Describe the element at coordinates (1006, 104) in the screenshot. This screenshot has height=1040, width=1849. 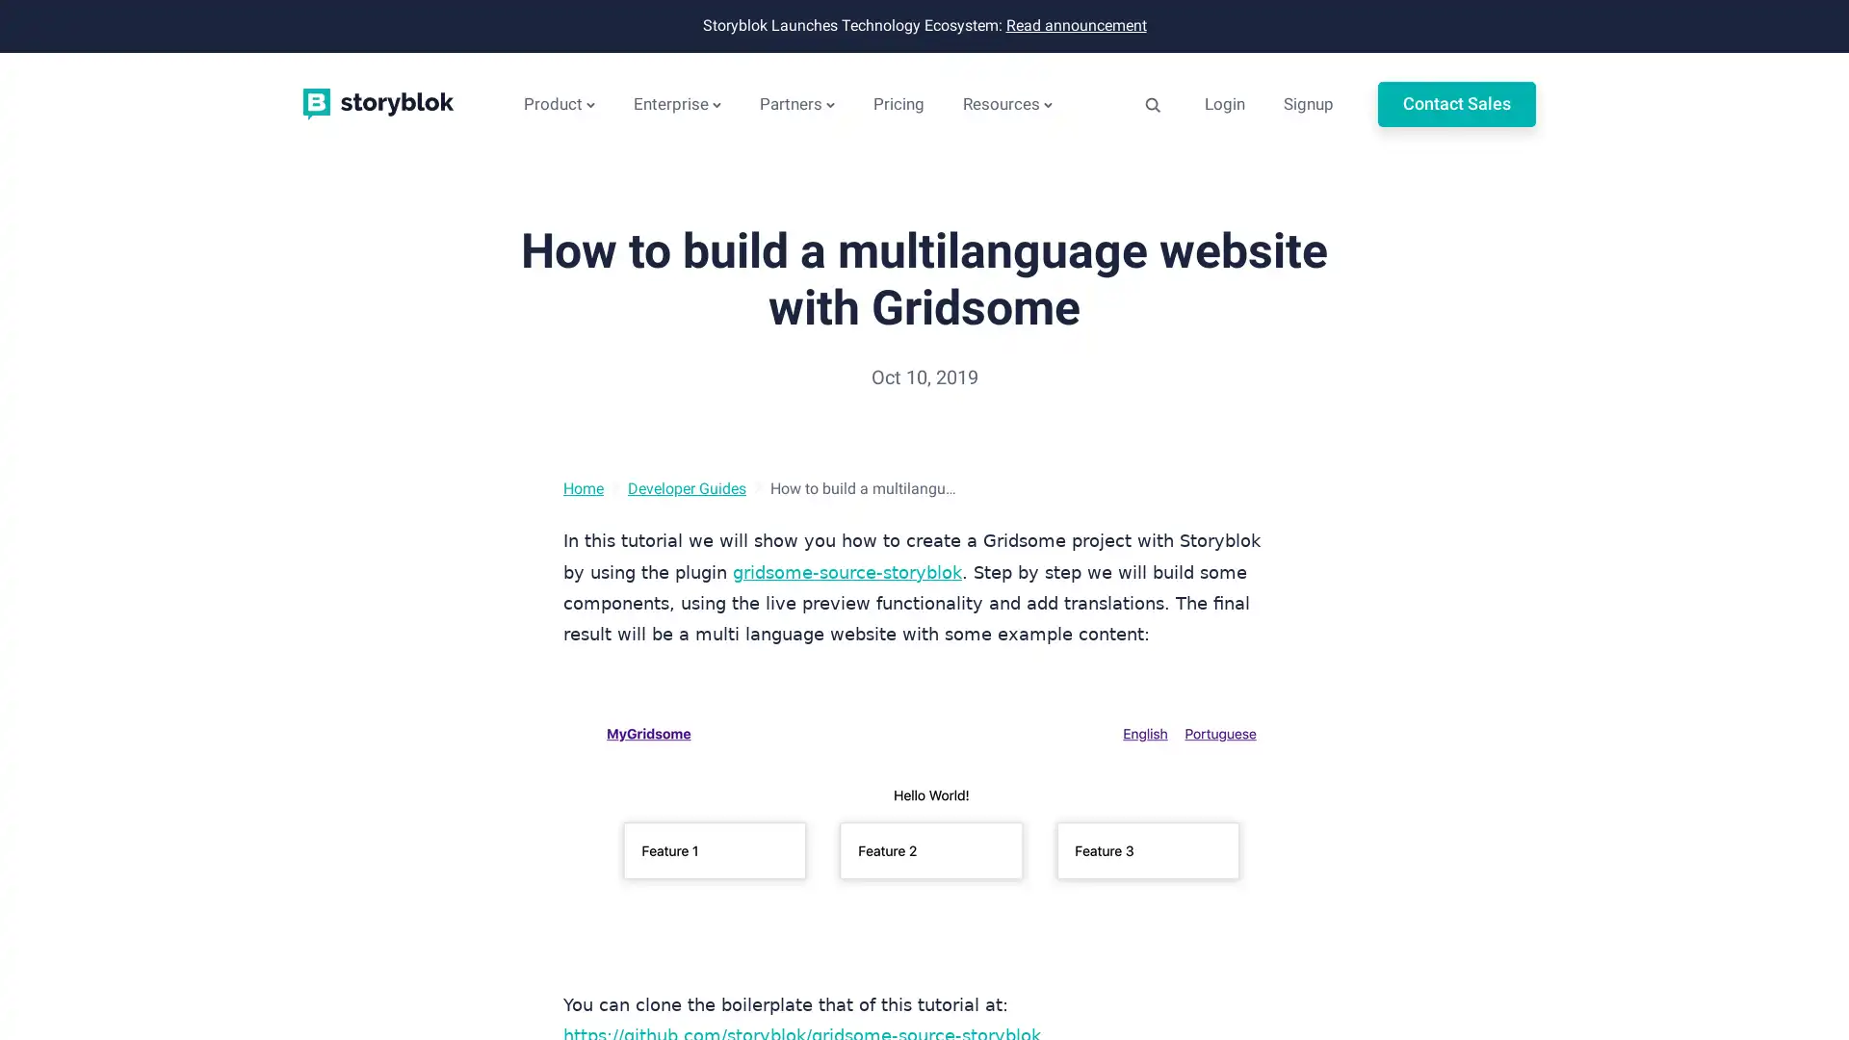
I see `Resources` at that location.